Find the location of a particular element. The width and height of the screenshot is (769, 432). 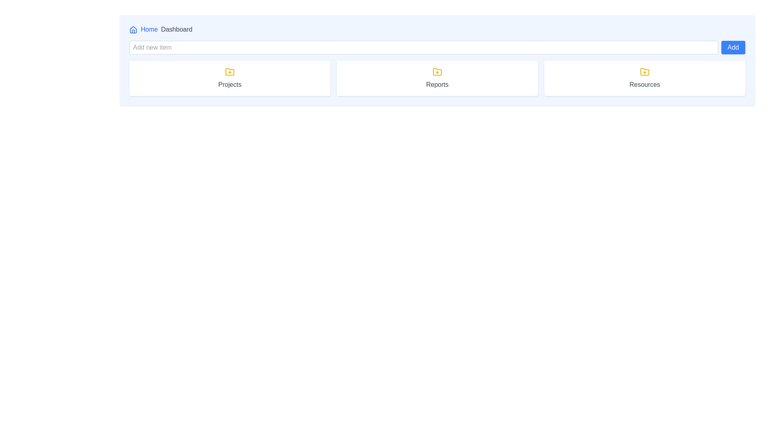

the SVG icon representing a house located adjacent to the 'Home' text in the breadcrumb navigation area is located at coordinates (133, 29).